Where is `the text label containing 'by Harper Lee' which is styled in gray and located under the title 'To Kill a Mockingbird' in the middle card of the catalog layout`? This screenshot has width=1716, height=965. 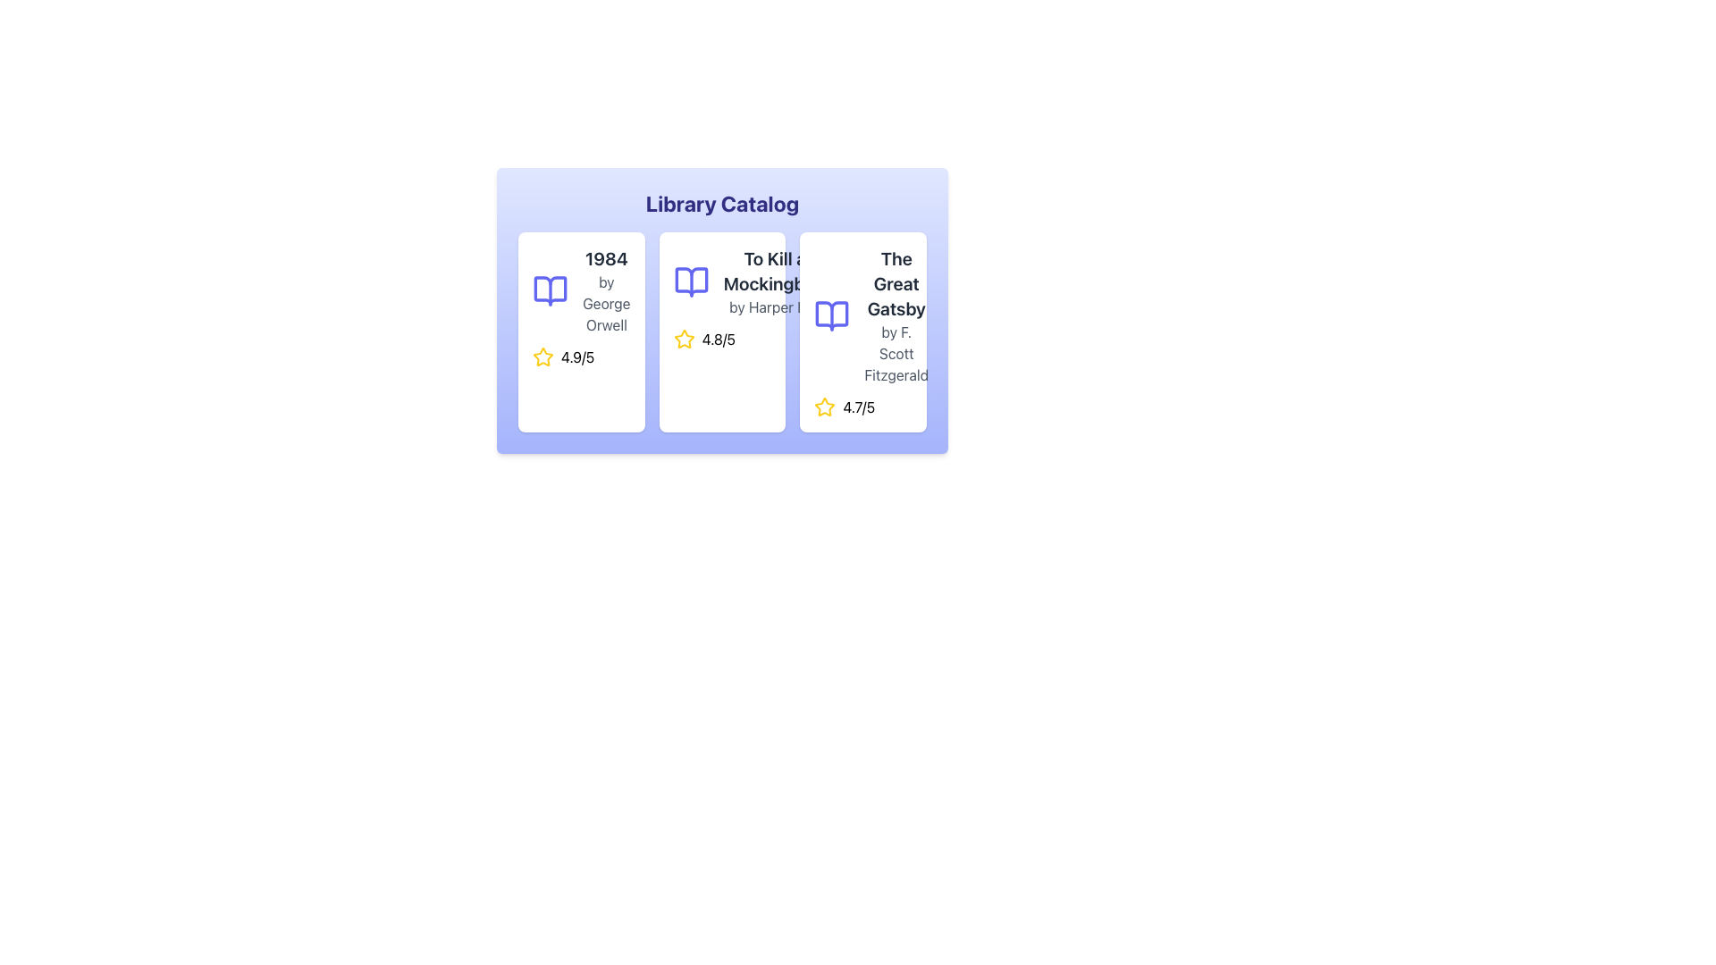 the text label containing 'by Harper Lee' which is styled in gray and located under the title 'To Kill a Mockingbird' in the middle card of the catalog layout is located at coordinates (775, 306).